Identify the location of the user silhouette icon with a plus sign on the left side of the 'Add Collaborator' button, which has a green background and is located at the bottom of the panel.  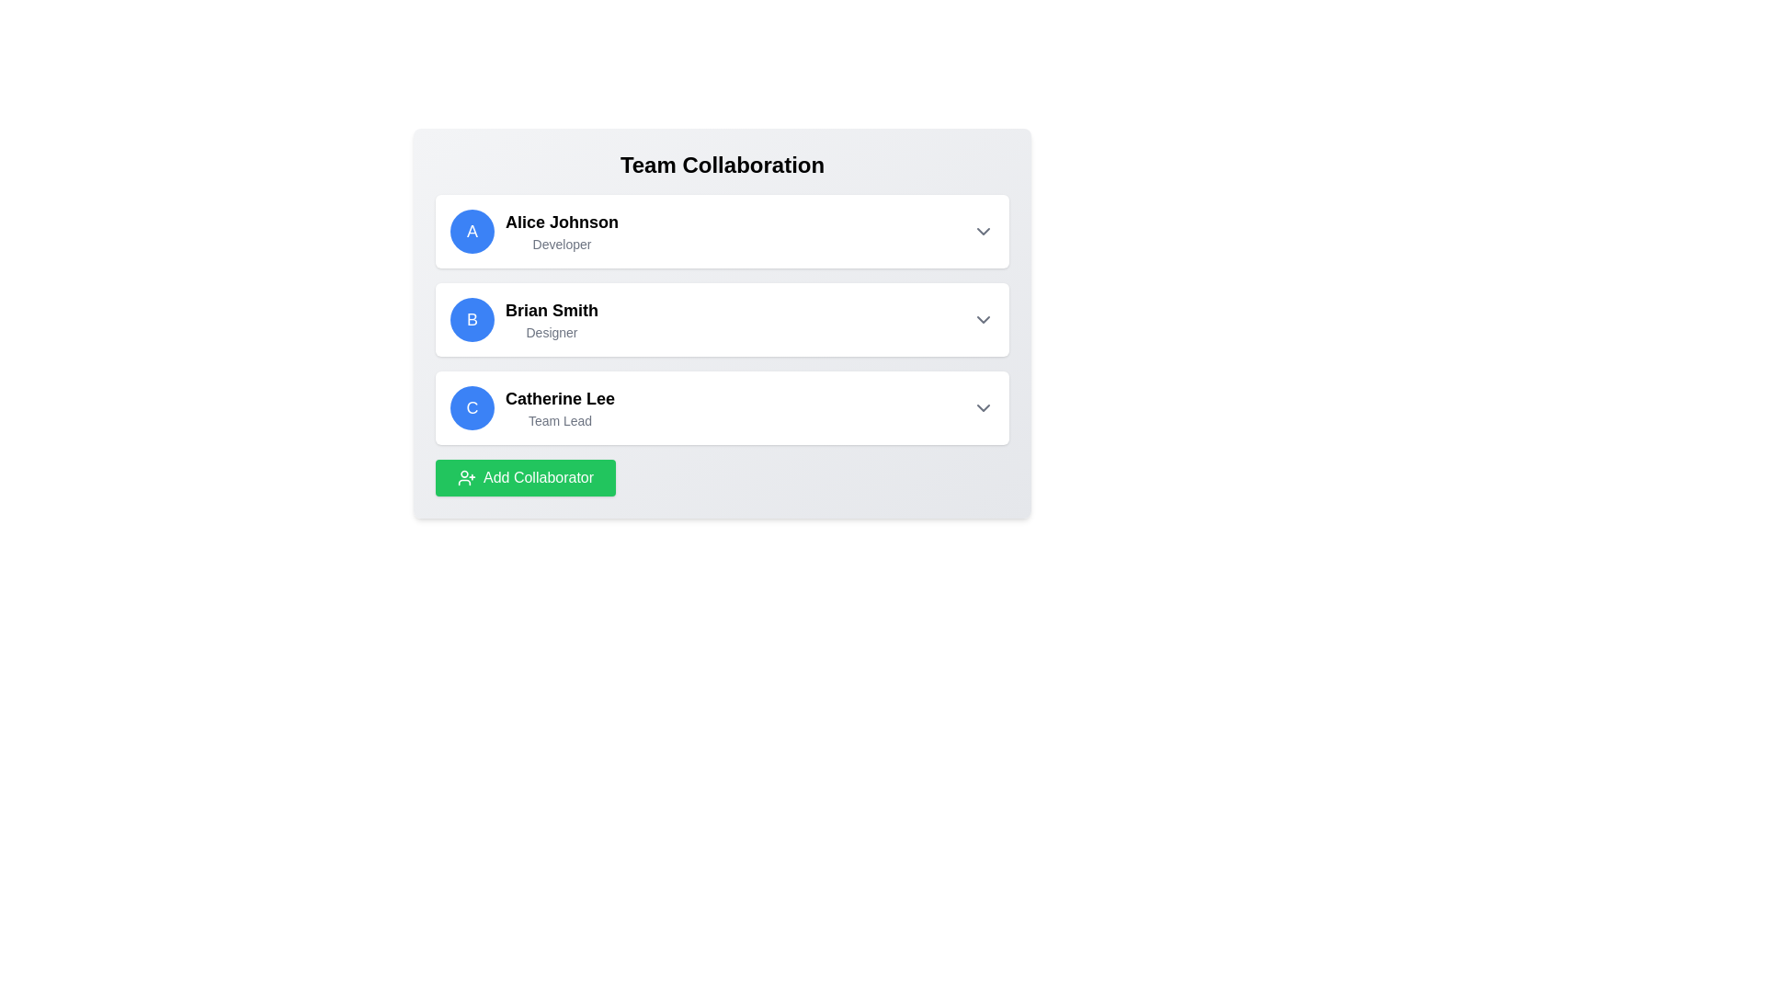
(467, 477).